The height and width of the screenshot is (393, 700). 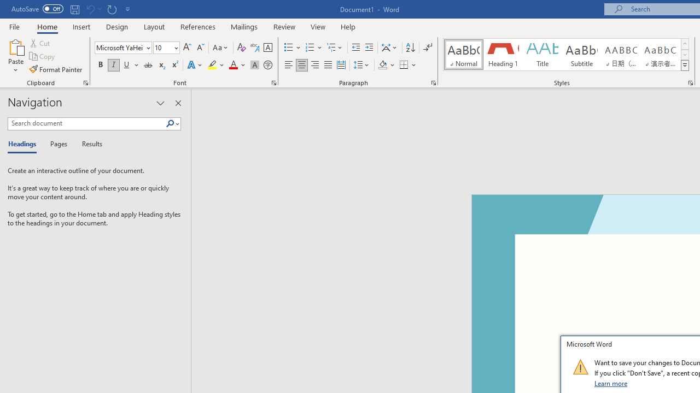 I want to click on 'Format Painter', so click(x=56, y=69).